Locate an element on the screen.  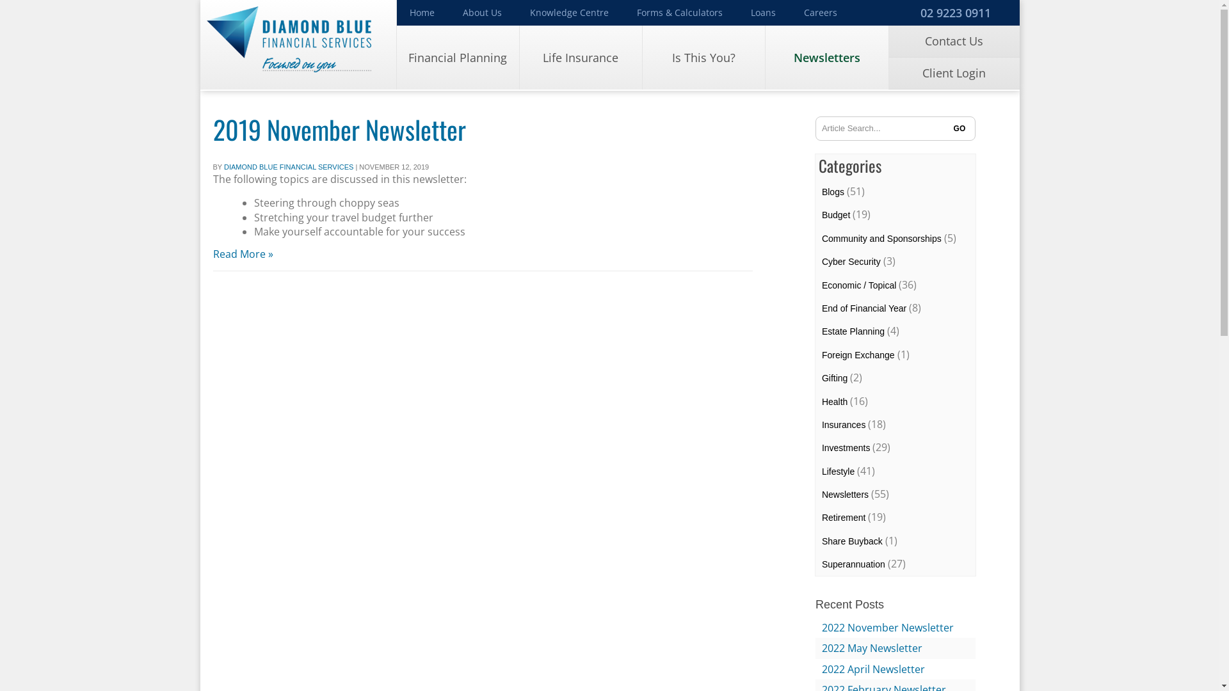
'2022 April Newsletter' is located at coordinates (872, 668).